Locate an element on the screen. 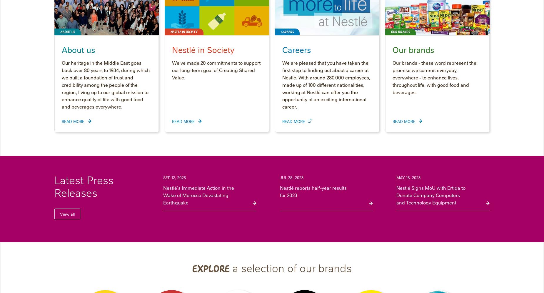 Image resolution: width=544 pixels, height=293 pixels. 'Nestlé's Immediate Action in the Wake of Morocco Devastating Earthquake' is located at coordinates (163, 194).